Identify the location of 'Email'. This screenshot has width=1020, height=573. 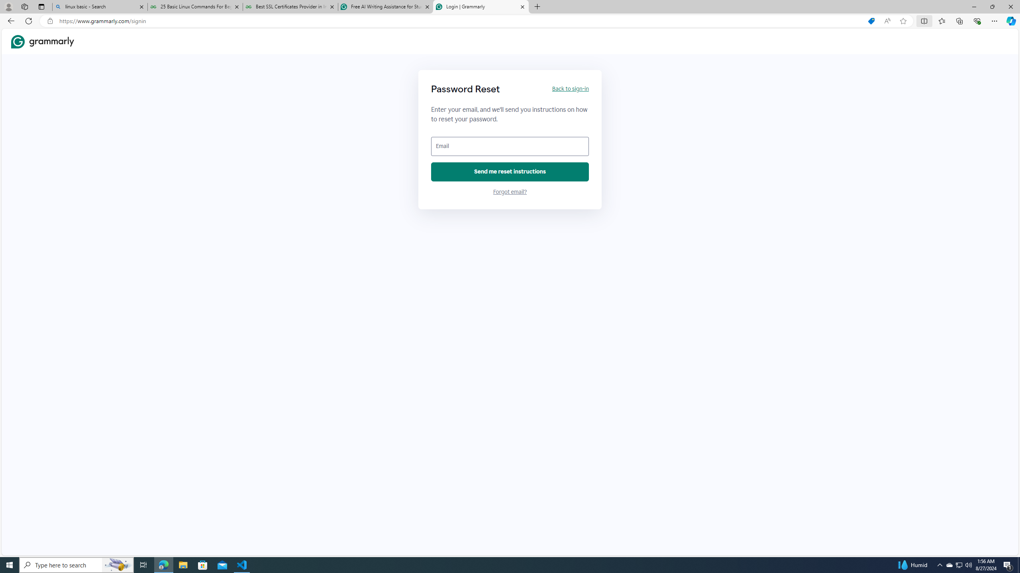
(510, 146).